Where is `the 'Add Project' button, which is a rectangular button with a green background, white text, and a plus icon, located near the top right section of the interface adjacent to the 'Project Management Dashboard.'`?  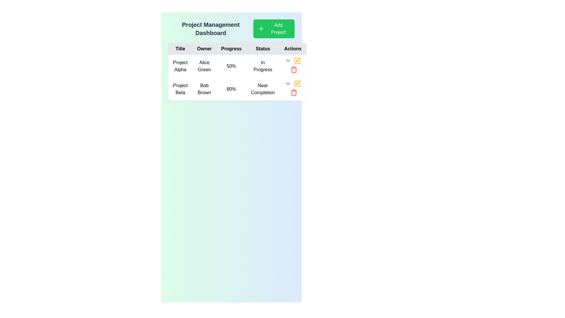
the 'Add Project' button, which is a rectangular button with a green background, white text, and a plus icon, located near the top right section of the interface adjacent to the 'Project Management Dashboard.' is located at coordinates (273, 29).